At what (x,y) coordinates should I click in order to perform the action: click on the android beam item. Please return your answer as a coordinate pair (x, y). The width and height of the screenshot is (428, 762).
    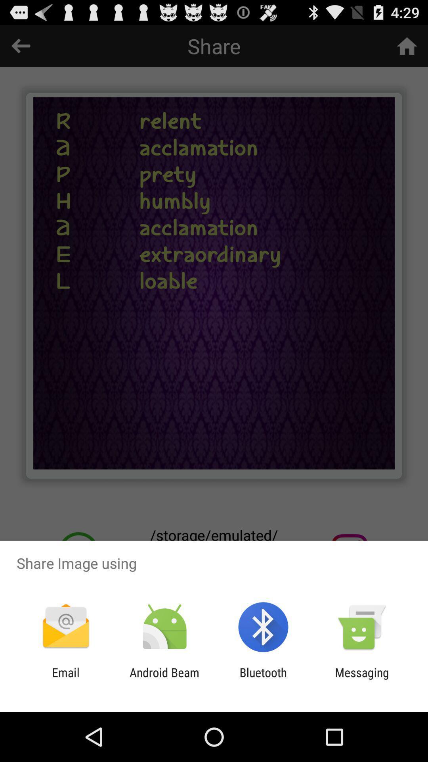
    Looking at the image, I should click on (164, 679).